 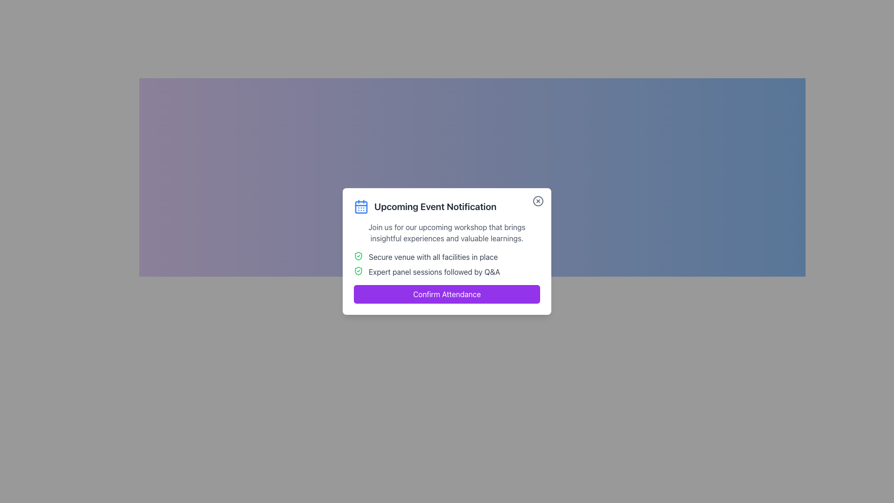 What do you see at coordinates (447, 294) in the screenshot?
I see `the confirmation button located at the bottom of the modal panel to confirm attendance for the event` at bounding box center [447, 294].